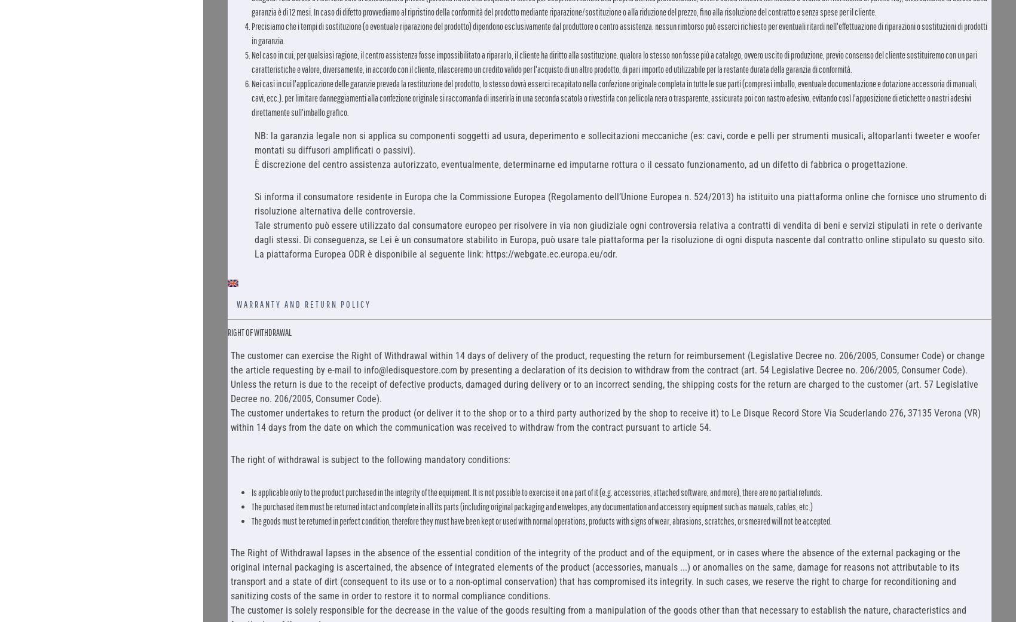  I want to click on 'Tale strumento può essere utilizzato dal consumatore europeo per risolvere in via non giudiziale ogni controversia relativa a contratti di vendita di beni
e servizi stipulati in rete o derivante dagli stessi. Di conseguenza, se Lei è un consumatore stabilito in Europa, può usare tale piattaforma per la risoluzione di ogni disputa nascente dal contratto online stipulato su questo sito. La piattaforma Europea ODR è disponibile al seguente link: https://webgate.ec.europa.eu/odr.', so click(618, 239).